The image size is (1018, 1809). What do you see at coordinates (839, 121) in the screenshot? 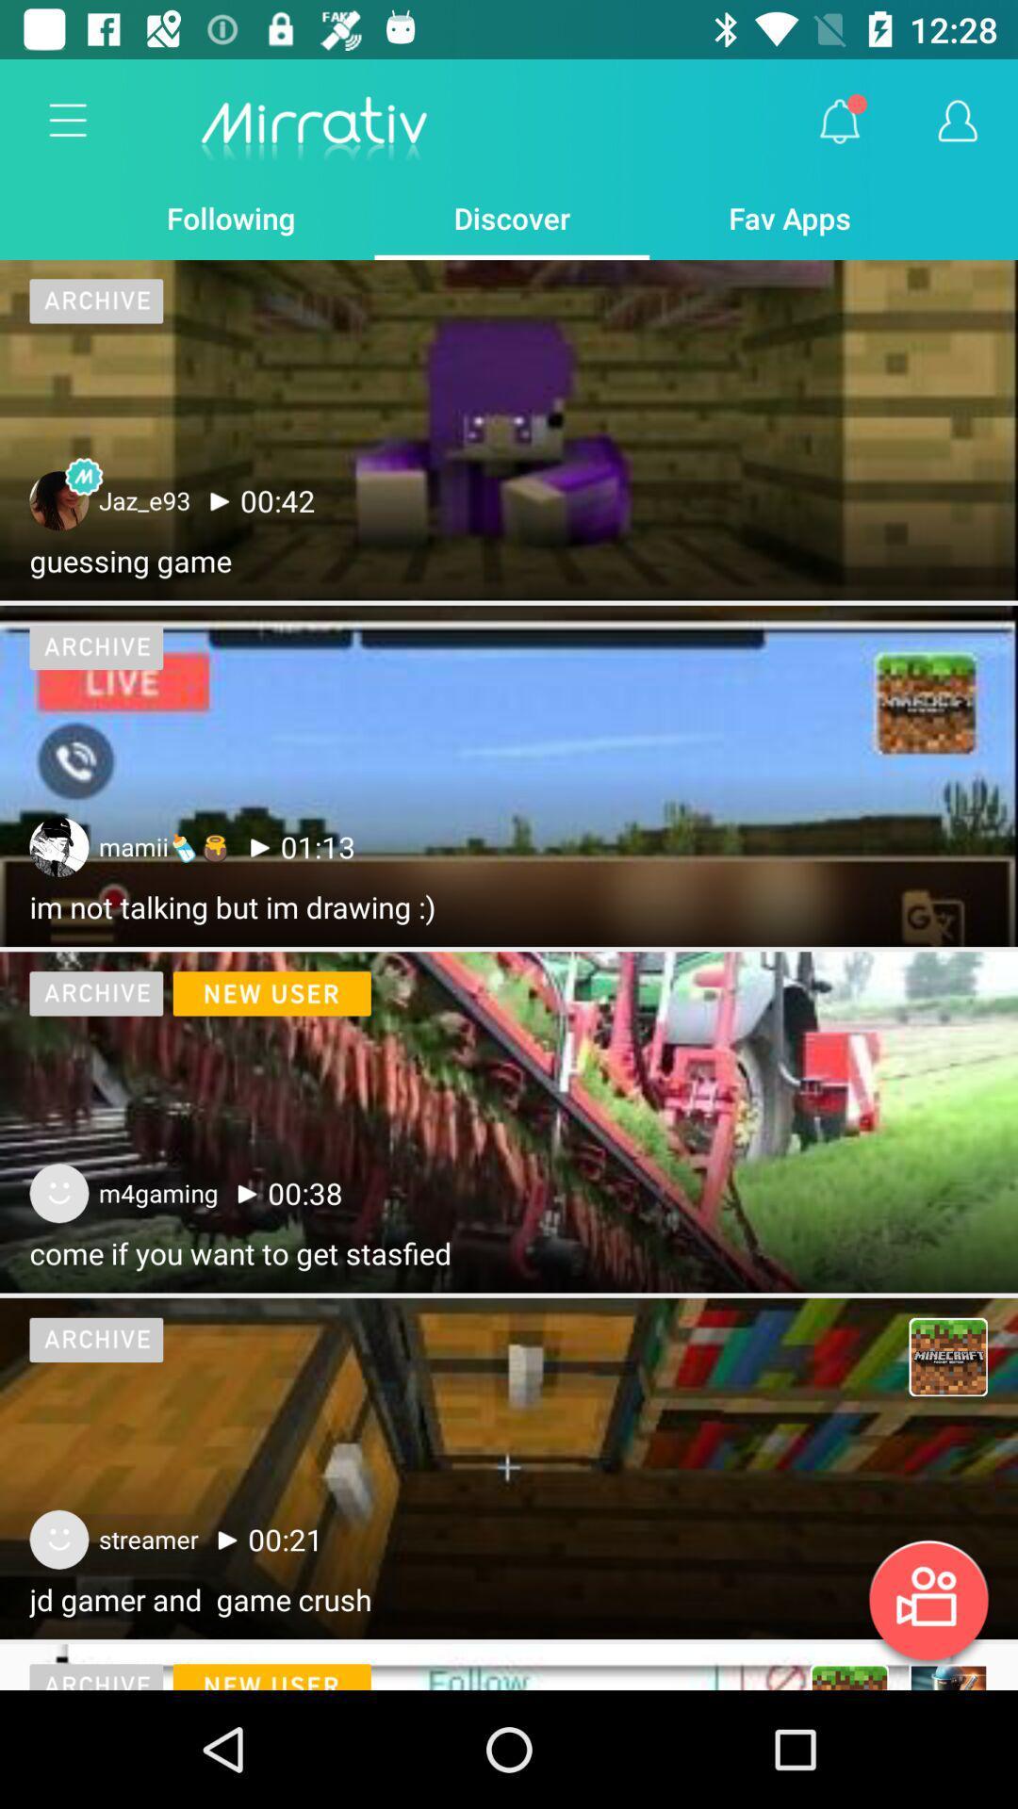
I see `item to the right of discover` at bounding box center [839, 121].